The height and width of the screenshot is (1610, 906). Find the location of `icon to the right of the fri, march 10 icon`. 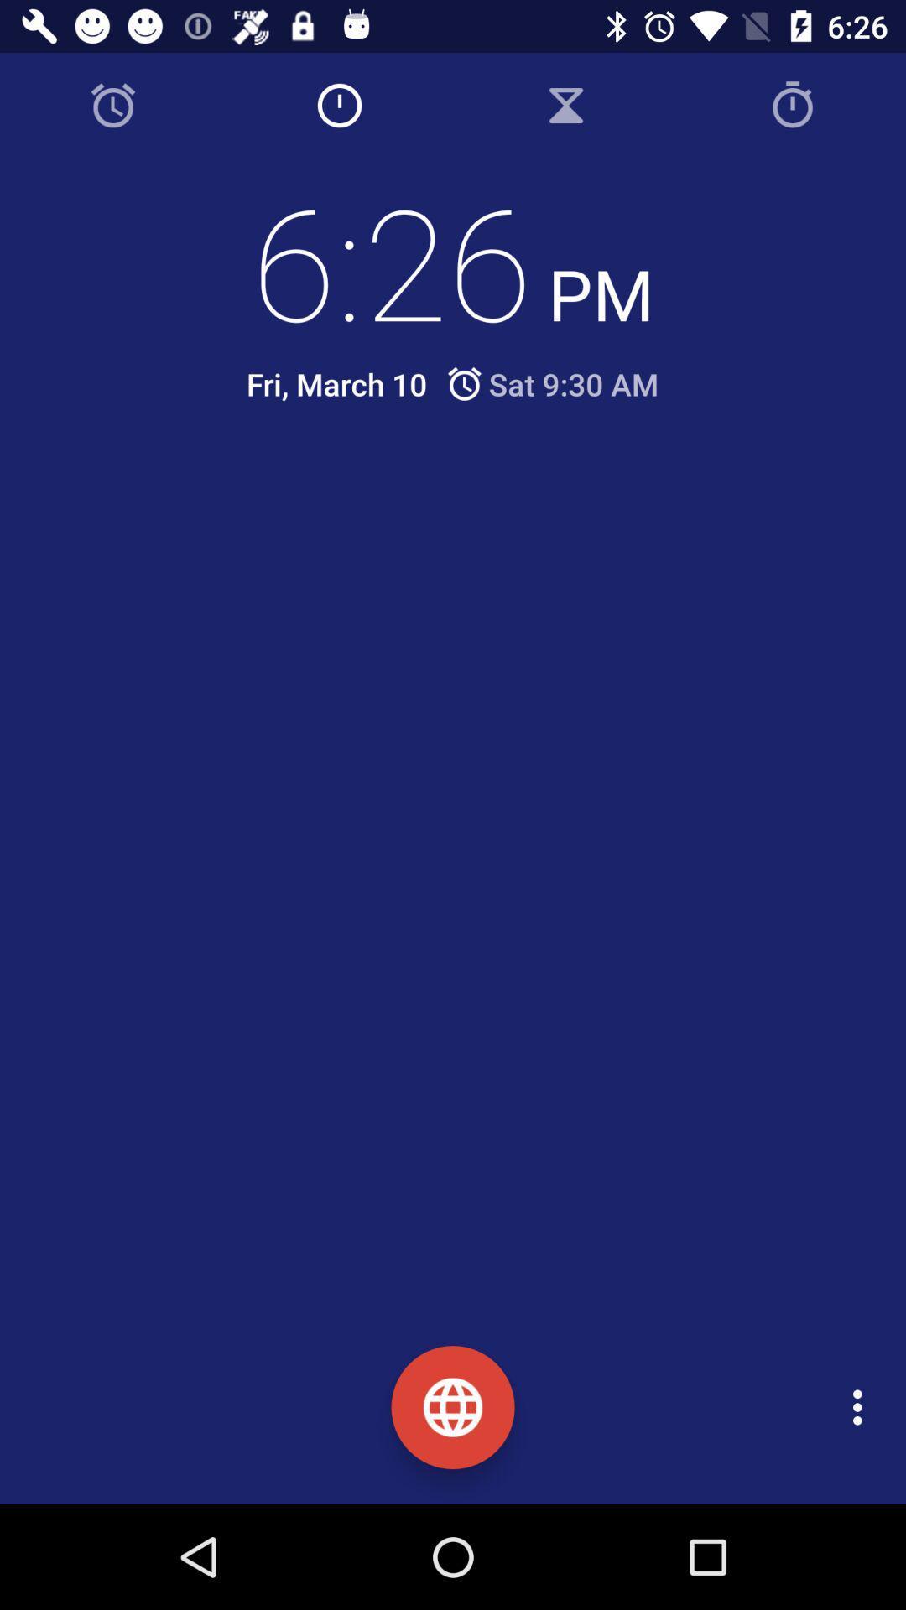

icon to the right of the fri, march 10 icon is located at coordinates (551, 383).